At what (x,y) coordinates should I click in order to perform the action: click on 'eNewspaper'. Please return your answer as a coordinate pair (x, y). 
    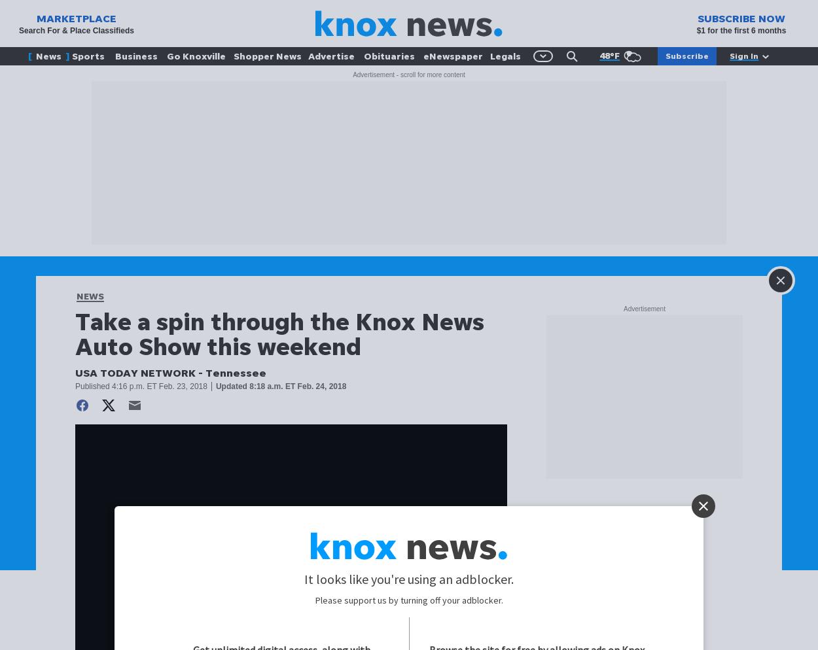
    Looking at the image, I should click on (452, 56).